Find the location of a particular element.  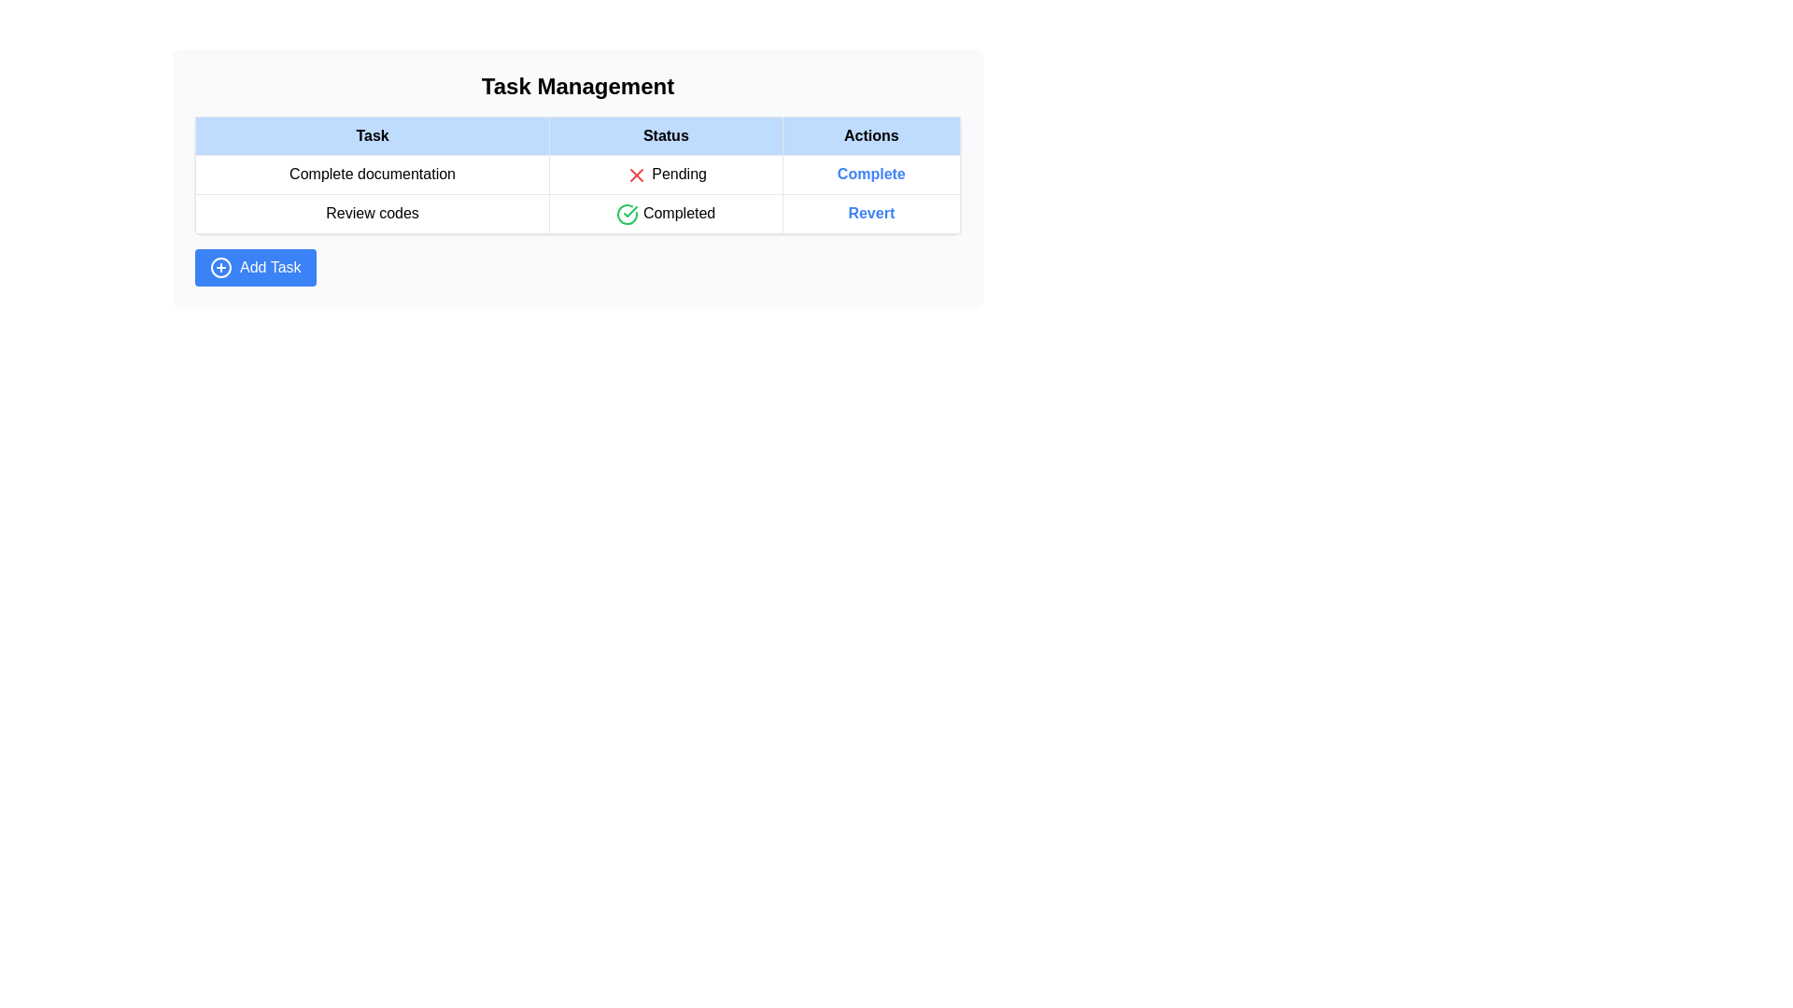

text content of the Table Header Cell containing the text 'Task' which is styled in bold and centered within a light blue background is located at coordinates (372, 135).